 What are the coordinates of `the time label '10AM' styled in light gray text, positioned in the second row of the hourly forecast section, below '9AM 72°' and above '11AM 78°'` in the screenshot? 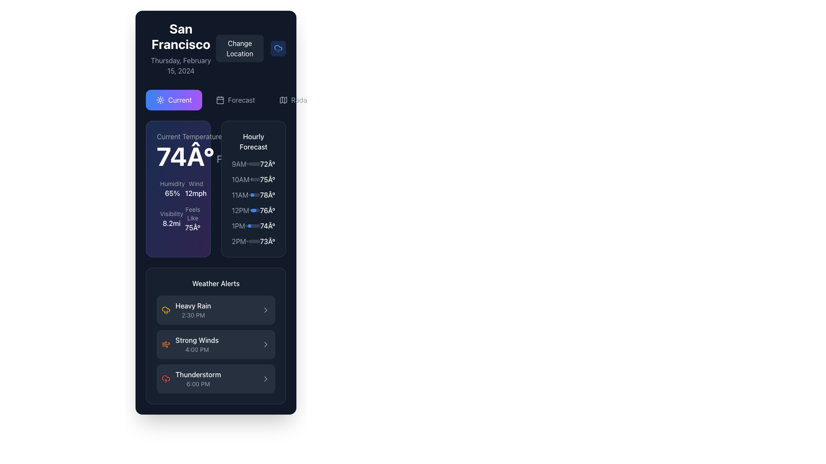 It's located at (240, 179).